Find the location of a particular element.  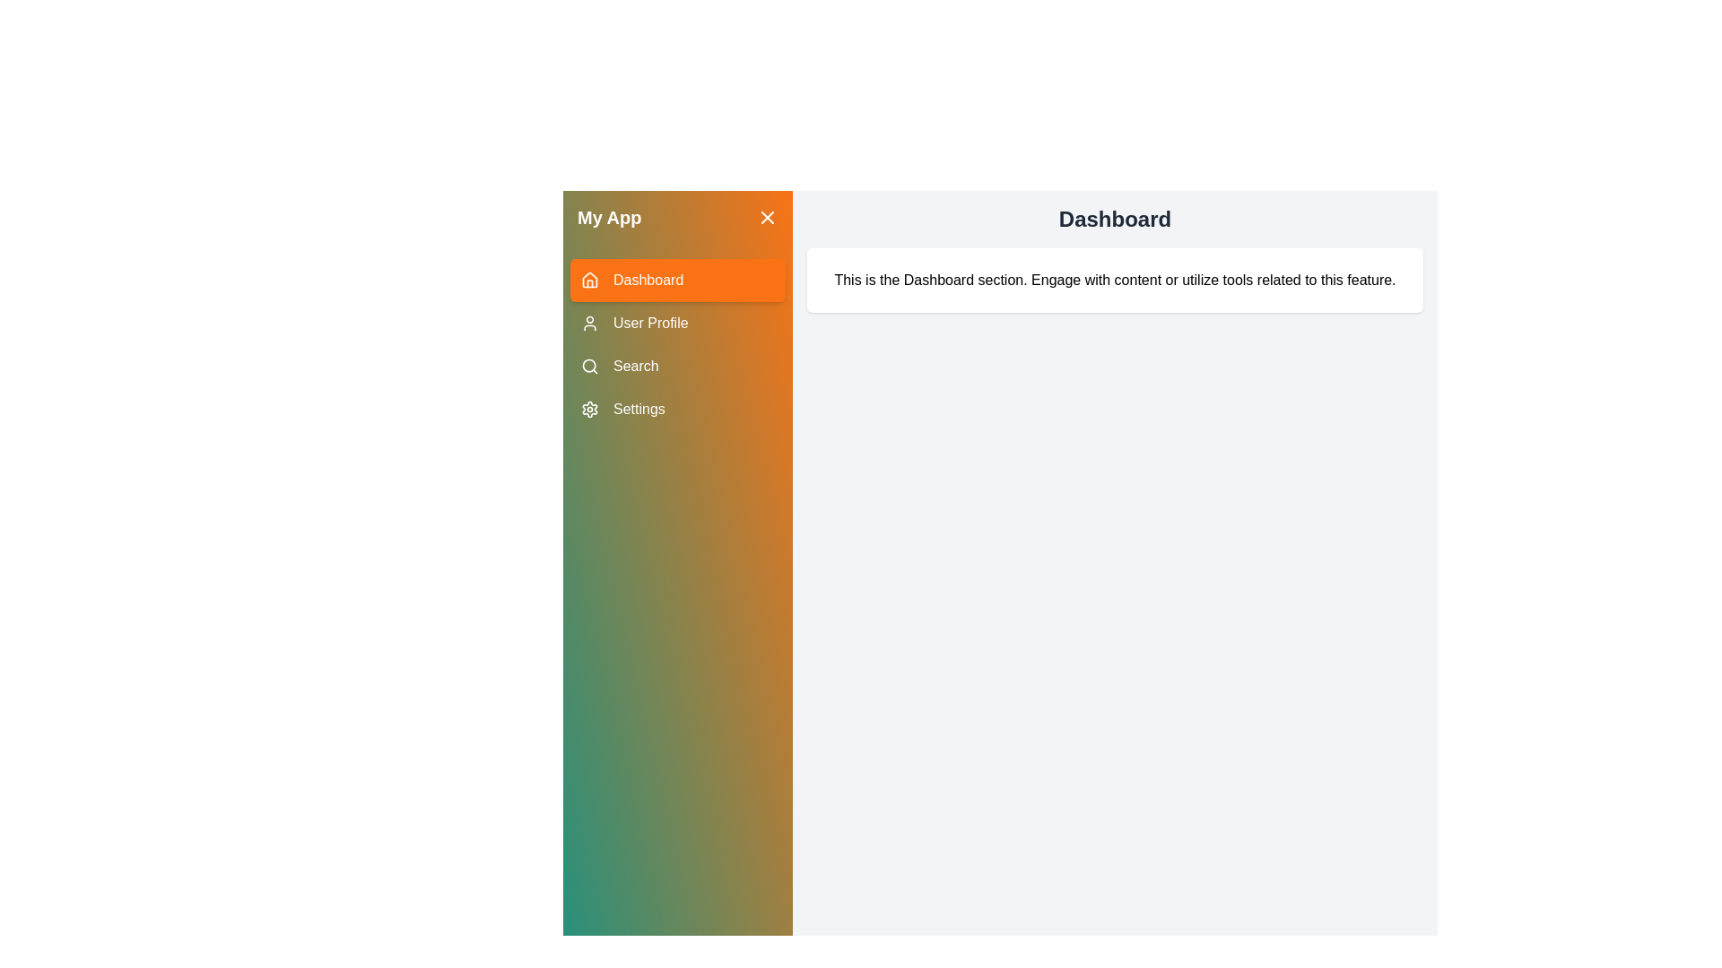

the menu item labeled Search to change the active section is located at coordinates (676, 365).